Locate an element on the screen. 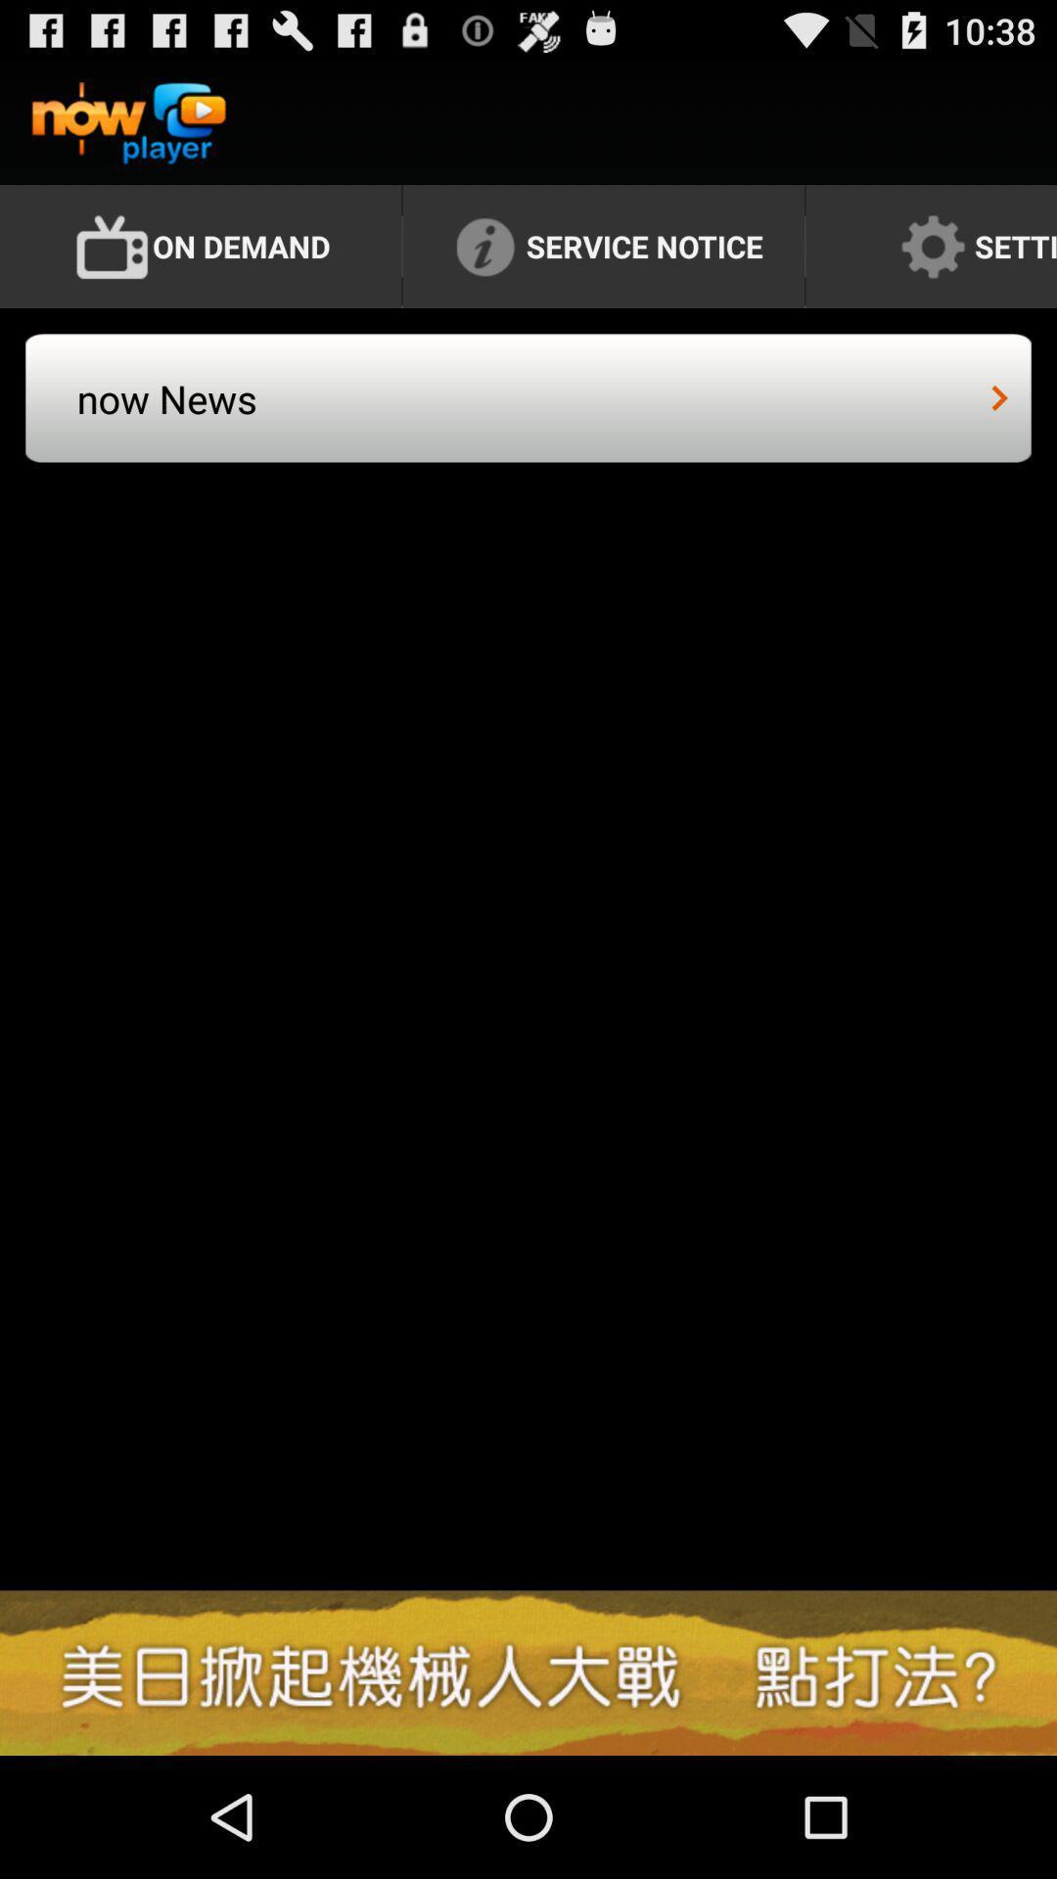 This screenshot has height=1879, width=1057. the now news app is located at coordinates (304, 416).